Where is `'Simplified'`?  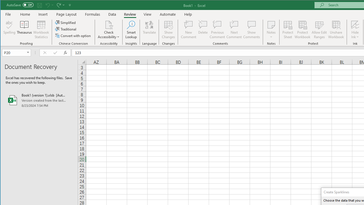
'Simplified' is located at coordinates (66, 22).